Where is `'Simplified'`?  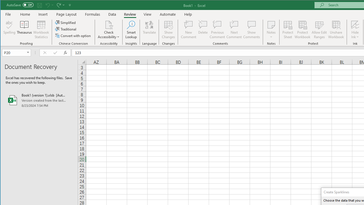
'Simplified' is located at coordinates (66, 22).